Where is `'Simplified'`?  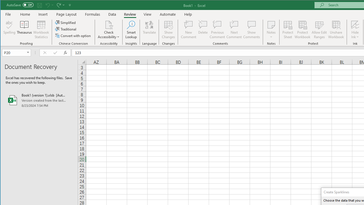
'Simplified' is located at coordinates (66, 22).